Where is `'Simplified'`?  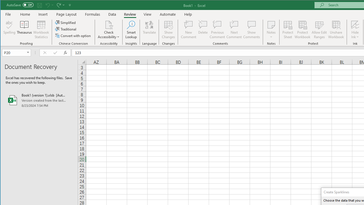
'Simplified' is located at coordinates (66, 22).